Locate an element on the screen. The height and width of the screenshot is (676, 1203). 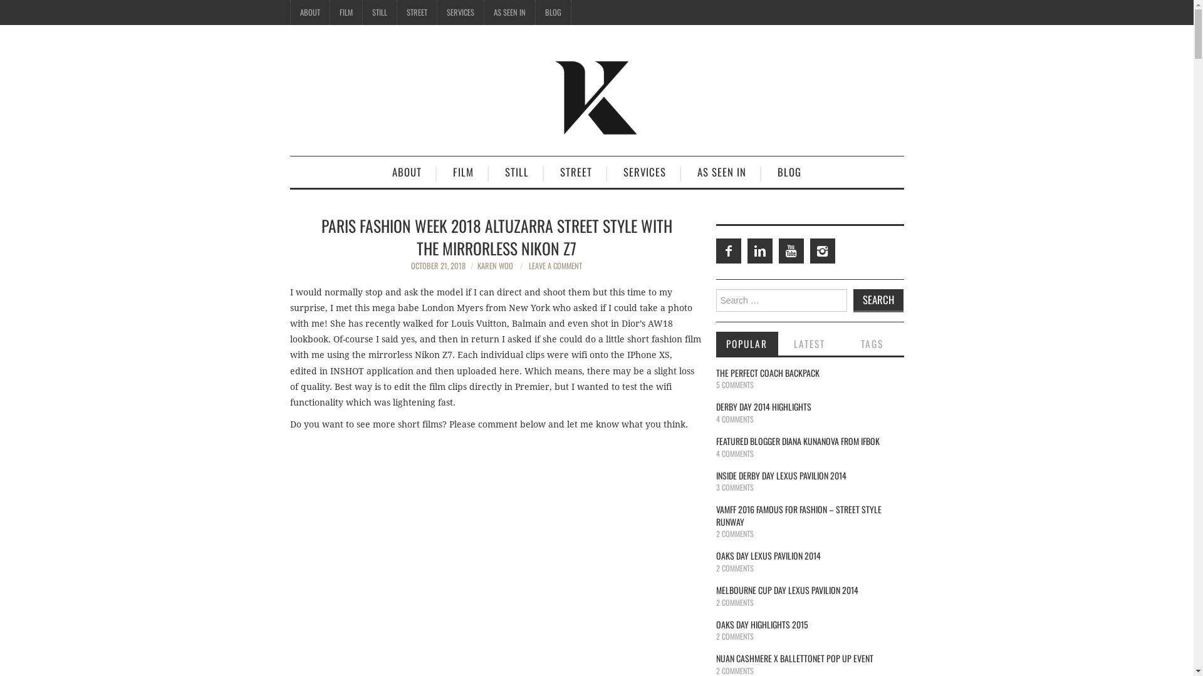
'FILM' is located at coordinates (462, 172).